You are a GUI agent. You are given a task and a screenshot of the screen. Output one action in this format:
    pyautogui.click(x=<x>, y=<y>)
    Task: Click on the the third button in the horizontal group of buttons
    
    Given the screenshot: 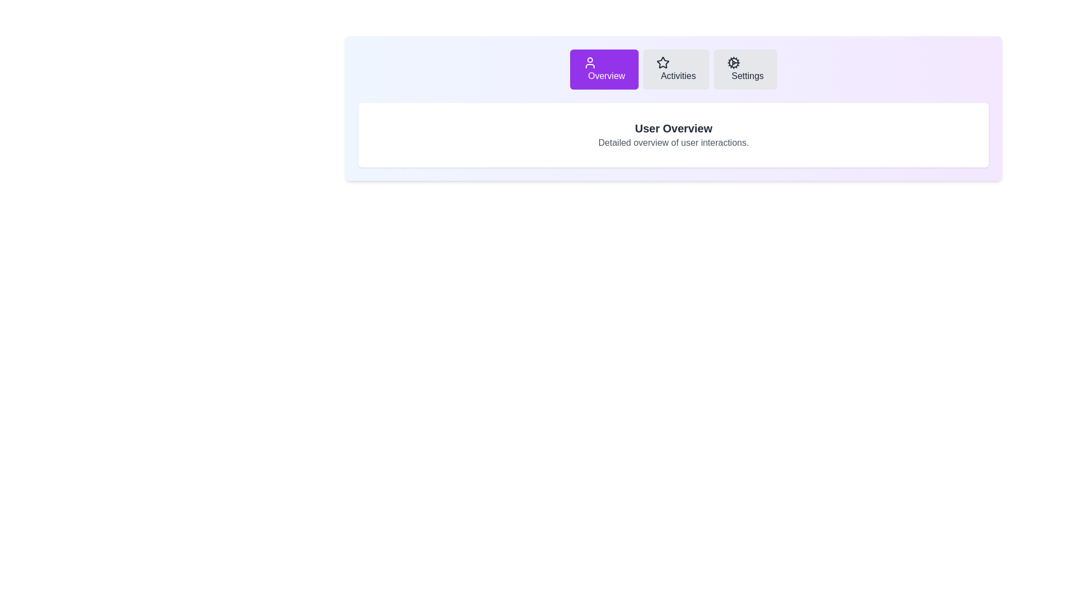 What is the action you would take?
    pyautogui.click(x=745, y=69)
    